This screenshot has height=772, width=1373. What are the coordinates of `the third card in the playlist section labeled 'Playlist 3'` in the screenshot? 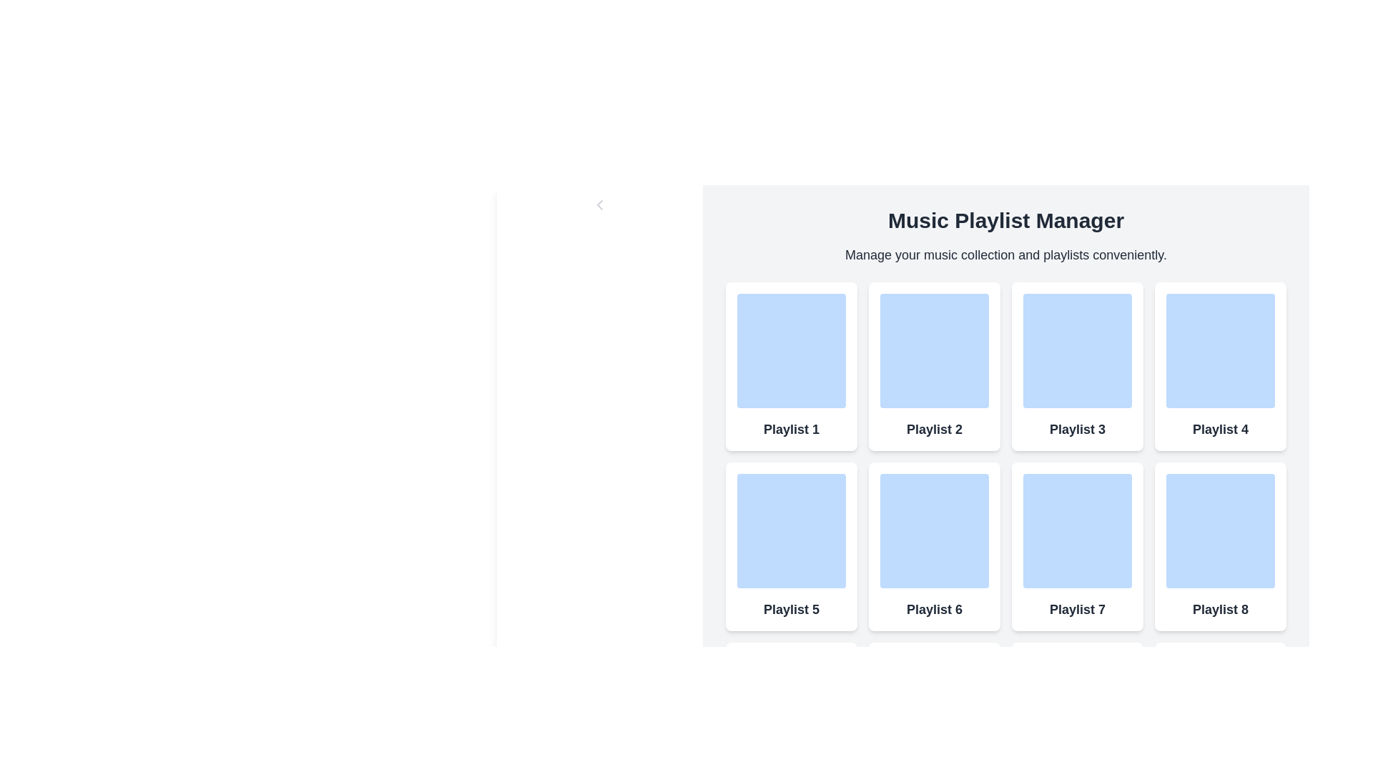 It's located at (1078, 366).